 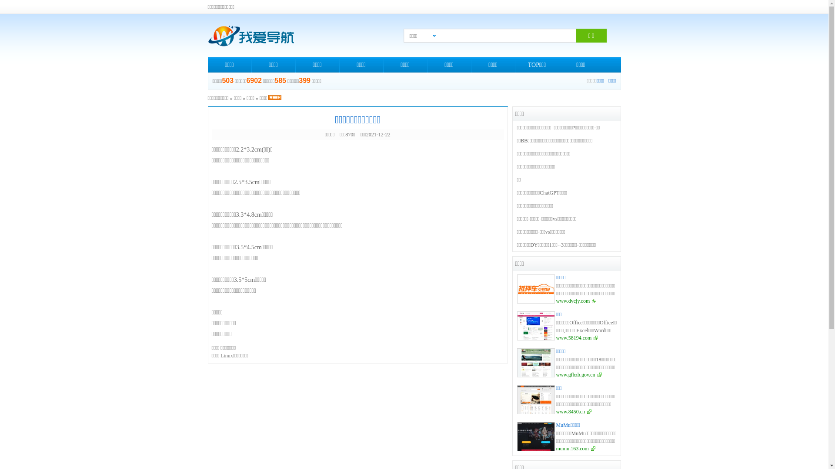 What do you see at coordinates (578, 374) in the screenshot?
I see `'www.gfbzb.gov.cn'` at bounding box center [578, 374].